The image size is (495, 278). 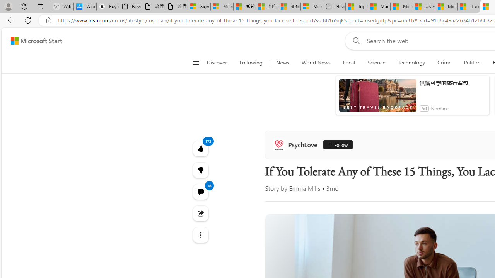 What do you see at coordinates (200, 235) in the screenshot?
I see `'Class: at-item'` at bounding box center [200, 235].